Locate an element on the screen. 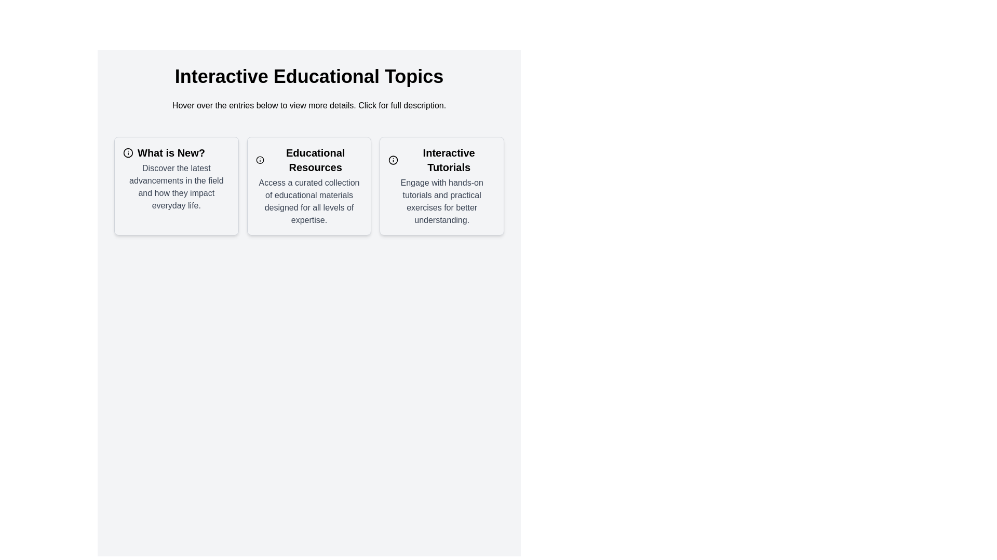  the educational resources card, which is centrally located in the grid of three cards, positioned in the middle column between 'What is New?' and 'Interactive Tutorials' is located at coordinates (308, 185).